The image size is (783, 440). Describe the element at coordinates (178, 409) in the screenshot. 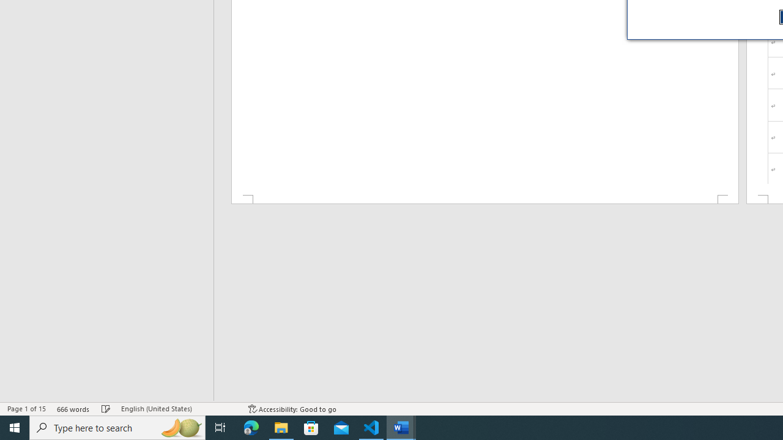

I see `'Language English (United States)'` at that location.